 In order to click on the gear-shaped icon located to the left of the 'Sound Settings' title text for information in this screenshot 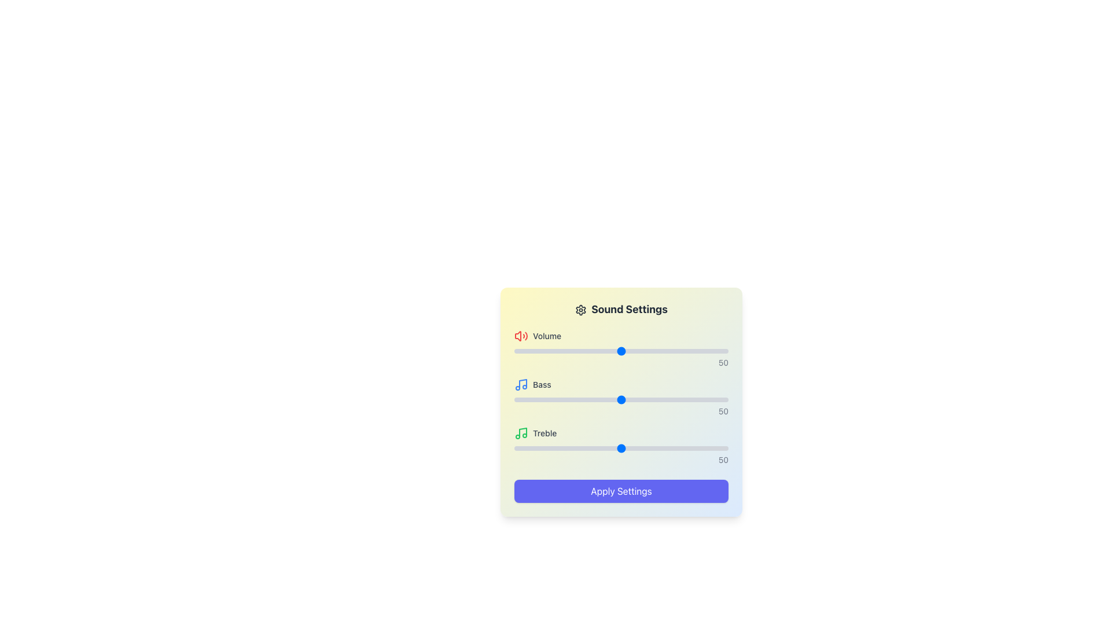, I will do `click(581, 310)`.